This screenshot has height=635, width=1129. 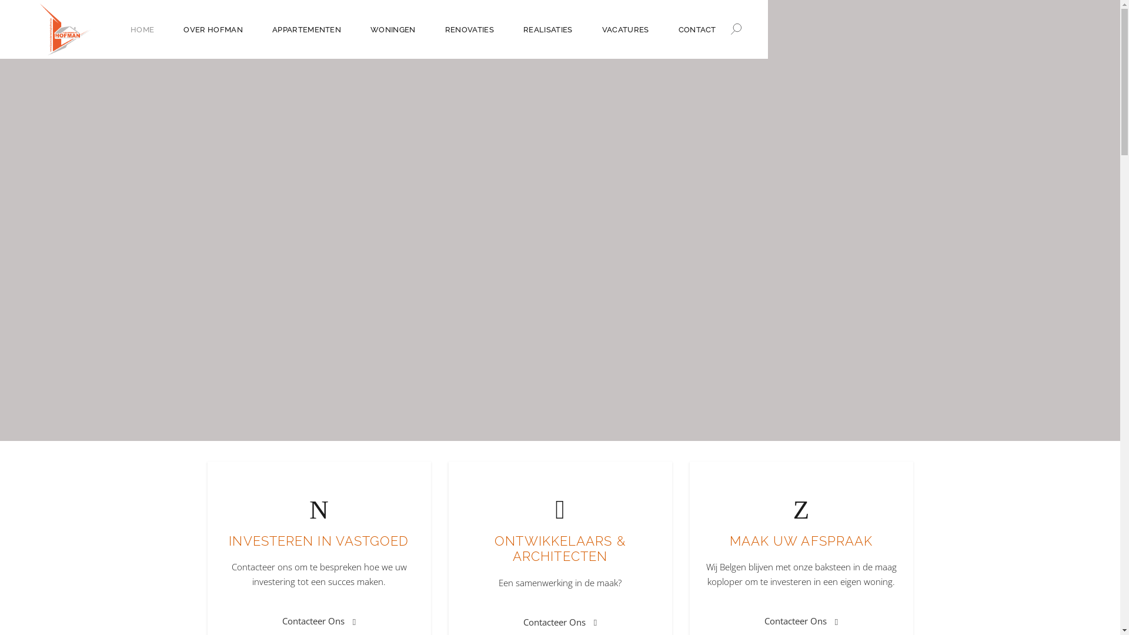 I want to click on 'CONTACT', so click(x=663, y=28).